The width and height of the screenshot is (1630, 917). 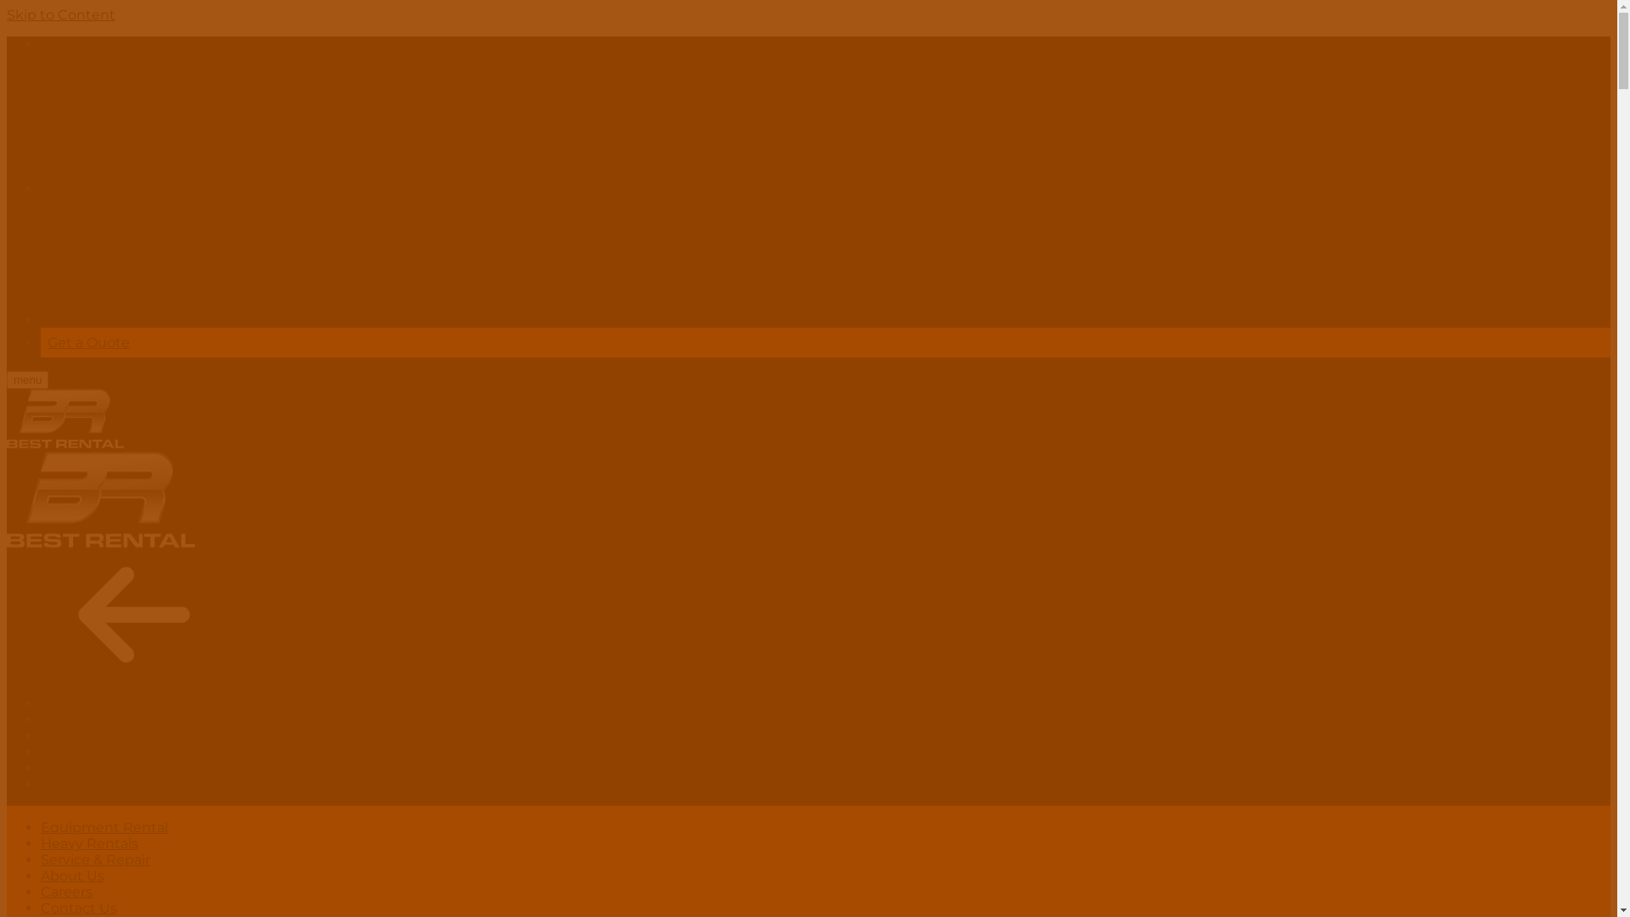 What do you see at coordinates (48, 342) in the screenshot?
I see `'Get a Quote'` at bounding box center [48, 342].